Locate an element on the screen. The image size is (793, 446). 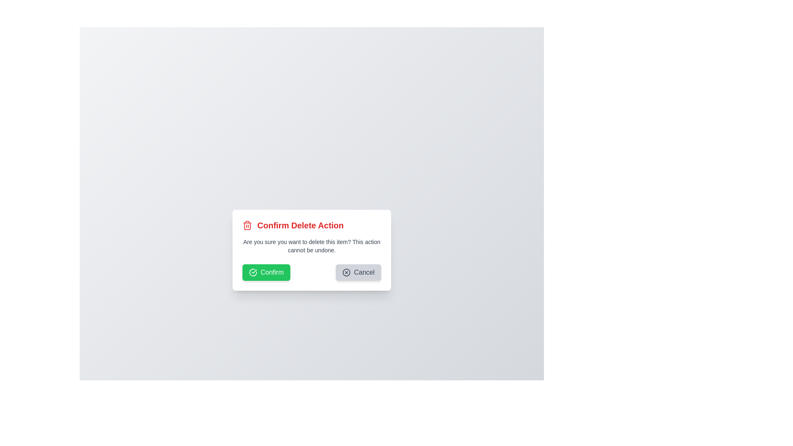
the green 'Confirm' button with rounded corners and a checkmark icon to confirm the action is located at coordinates (266, 272).